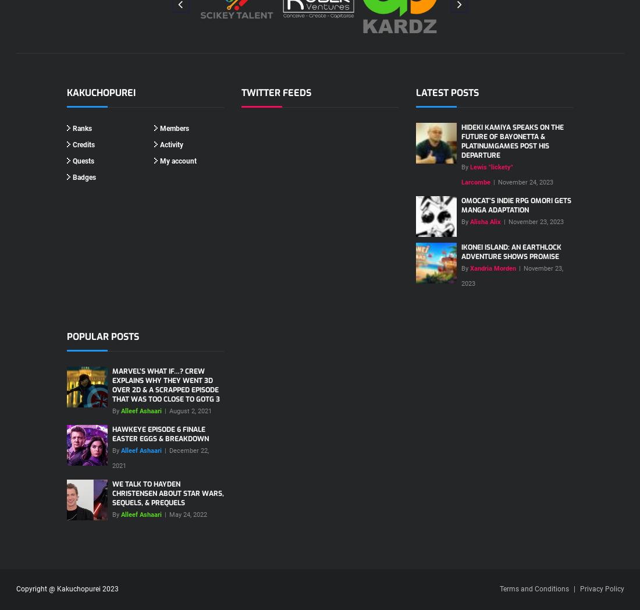 Image resolution: width=640 pixels, height=610 pixels. Describe the element at coordinates (190, 410) in the screenshot. I see `'August 2, 2021'` at that location.